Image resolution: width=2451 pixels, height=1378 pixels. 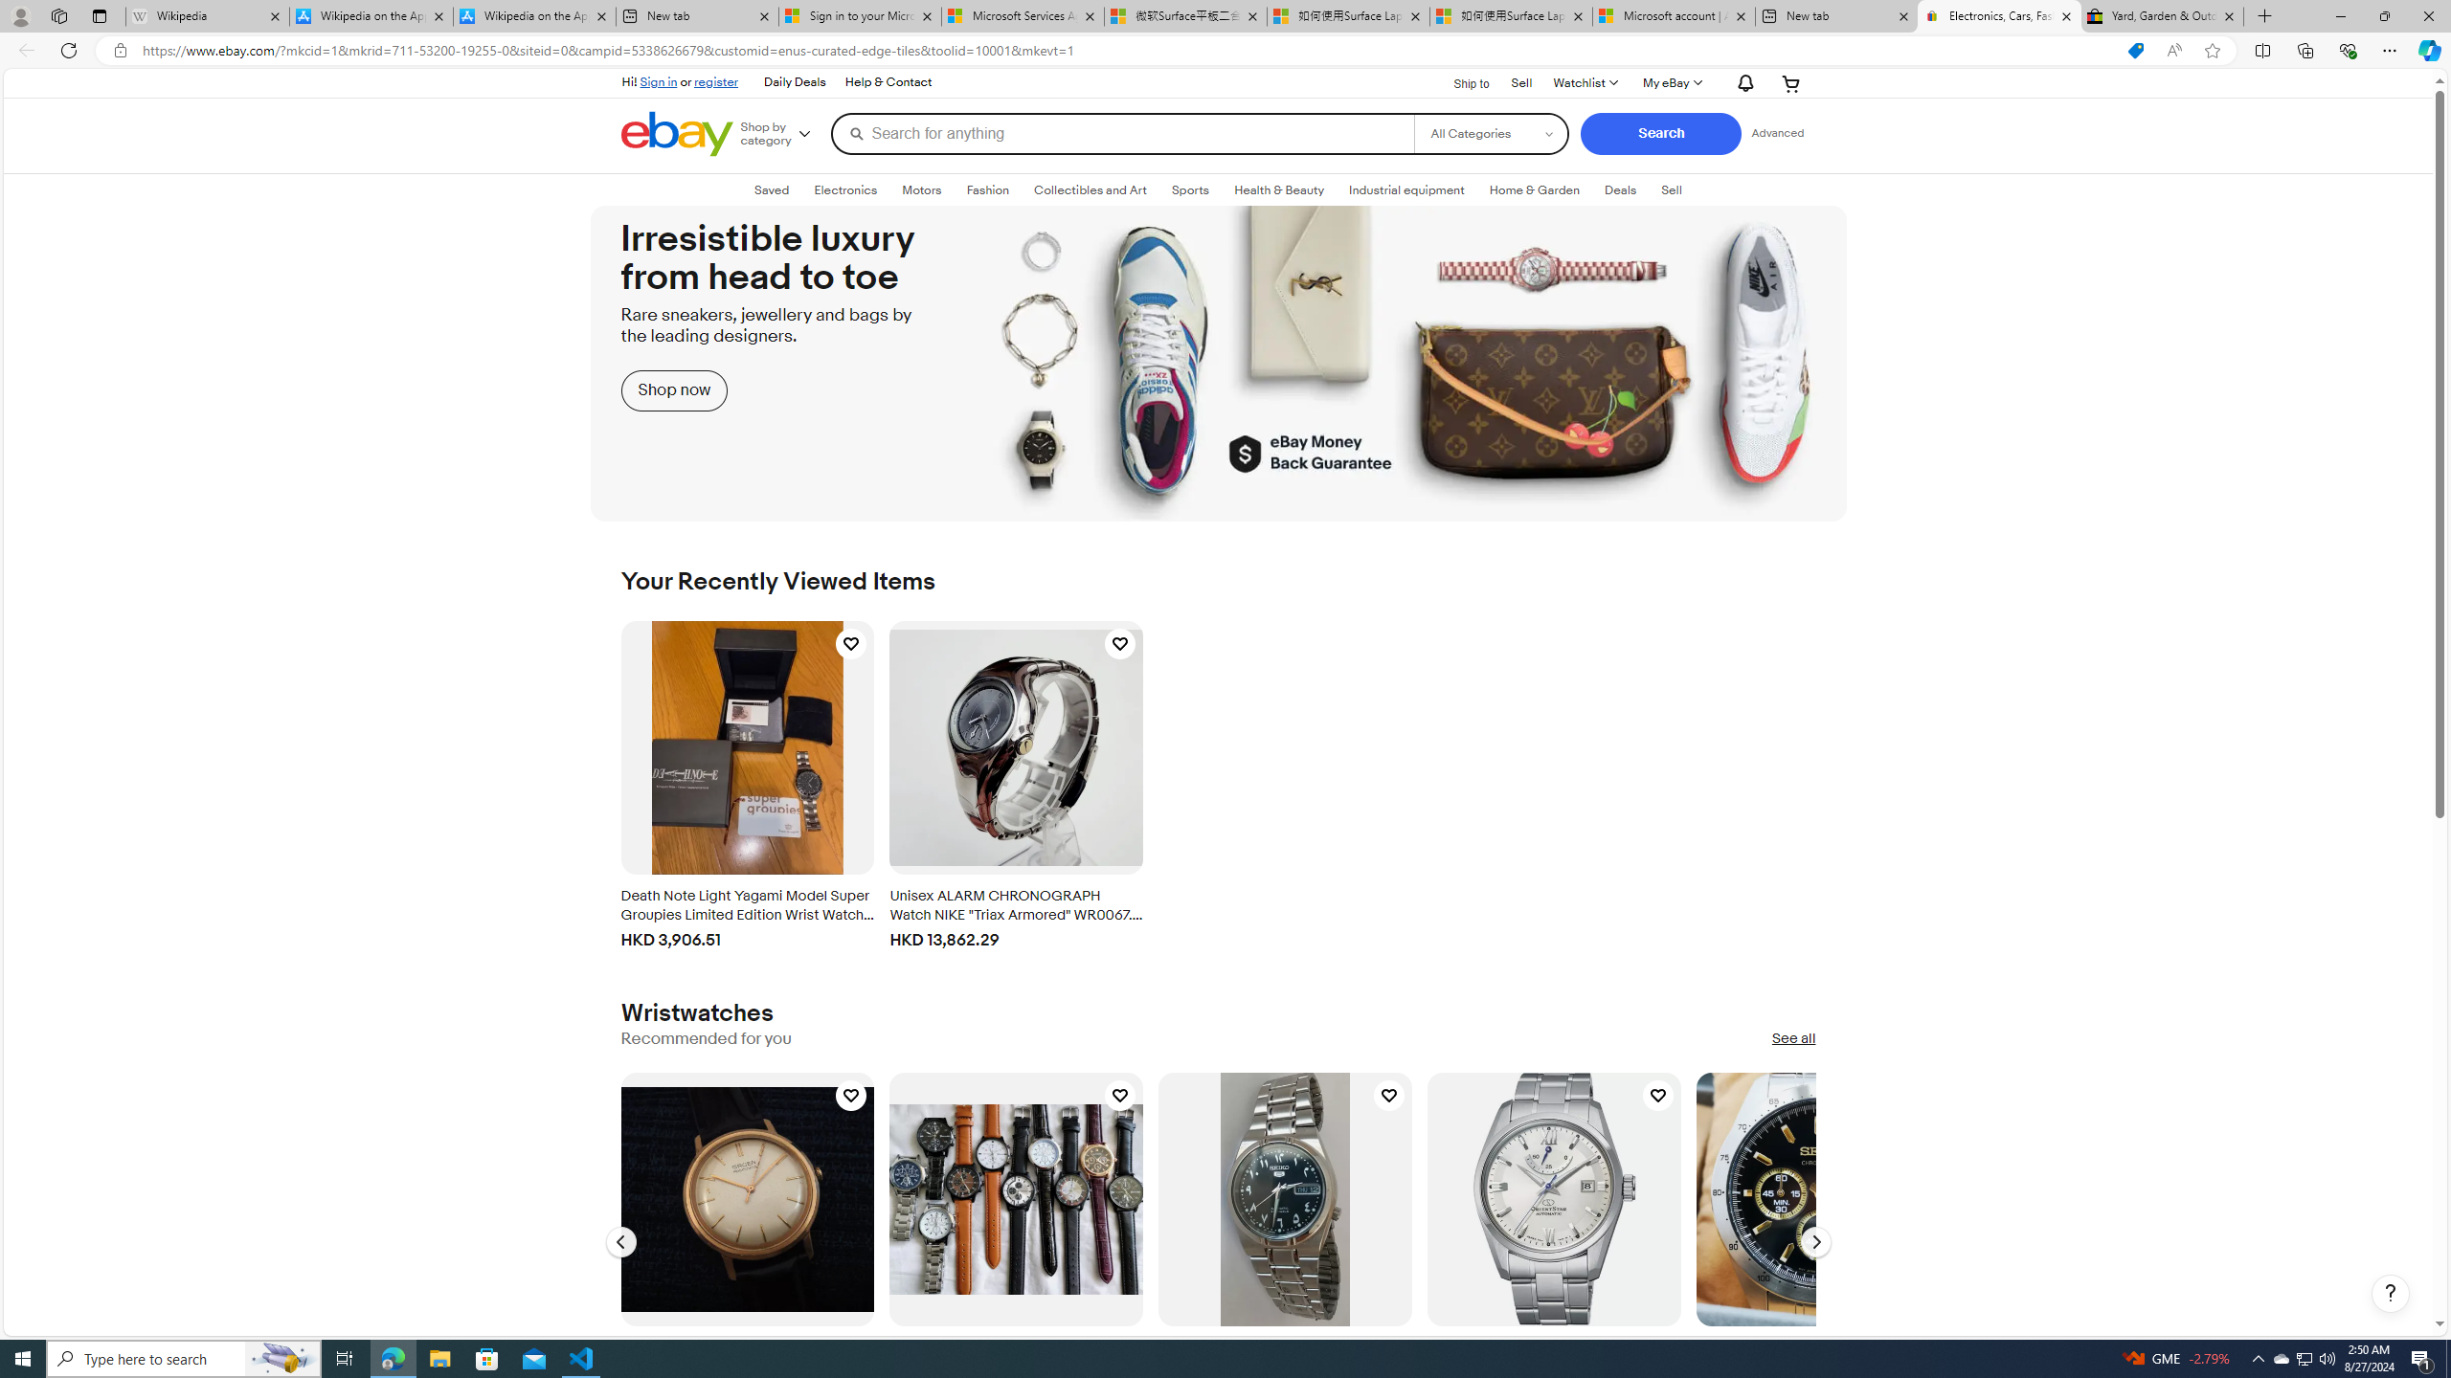 I want to click on 'Collectibles and ArtExpand: Collectibles and Art', so click(x=1090, y=189).